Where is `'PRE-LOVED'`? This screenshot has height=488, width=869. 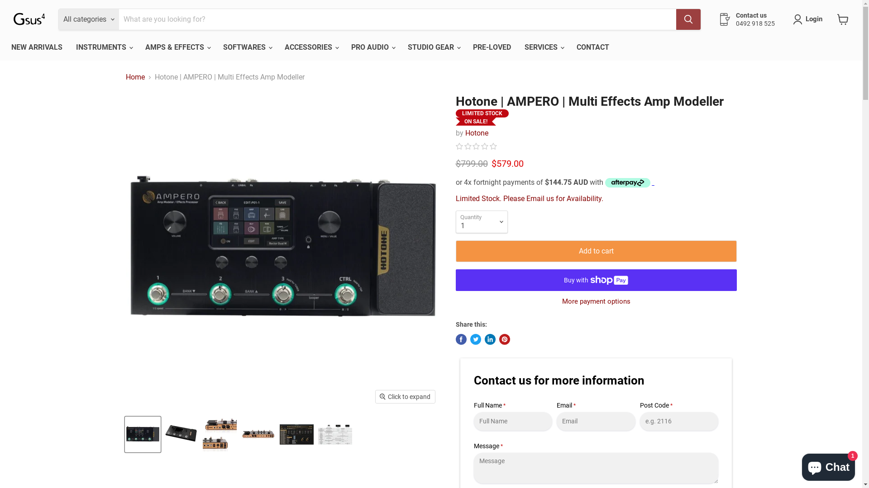 'PRE-LOVED' is located at coordinates (491, 47).